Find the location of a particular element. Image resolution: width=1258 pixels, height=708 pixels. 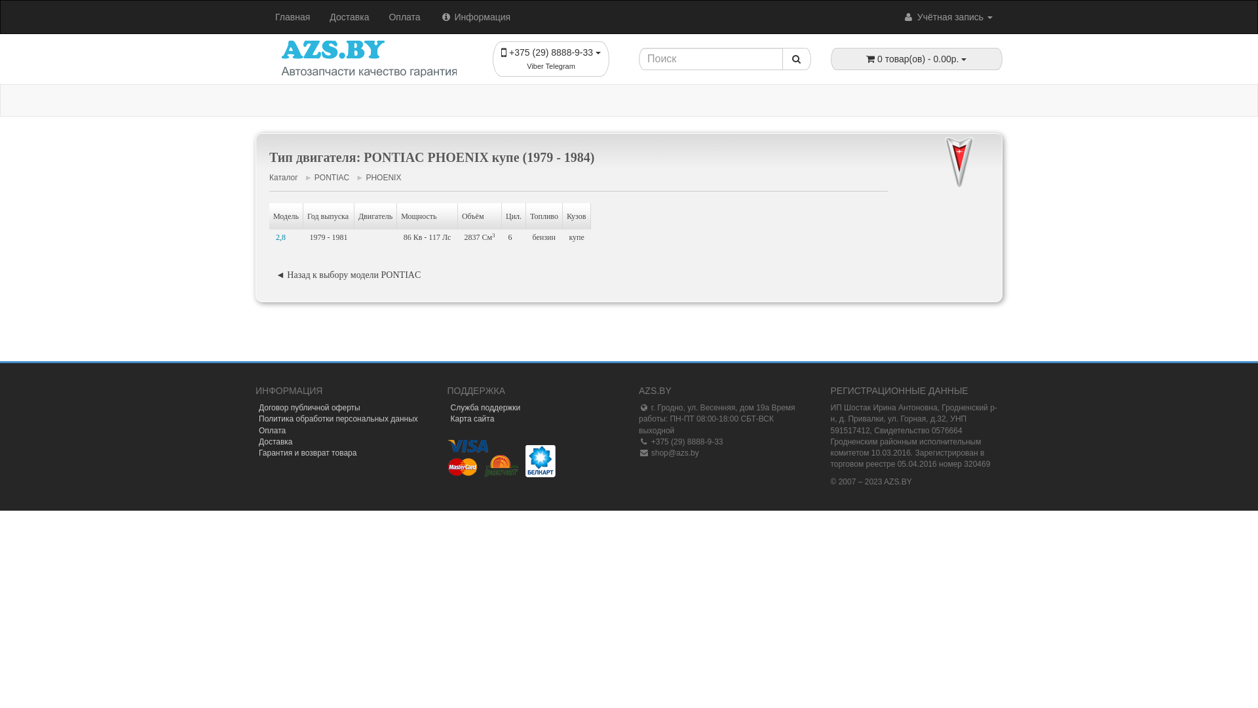

'AZS.BY' is located at coordinates (368, 58).